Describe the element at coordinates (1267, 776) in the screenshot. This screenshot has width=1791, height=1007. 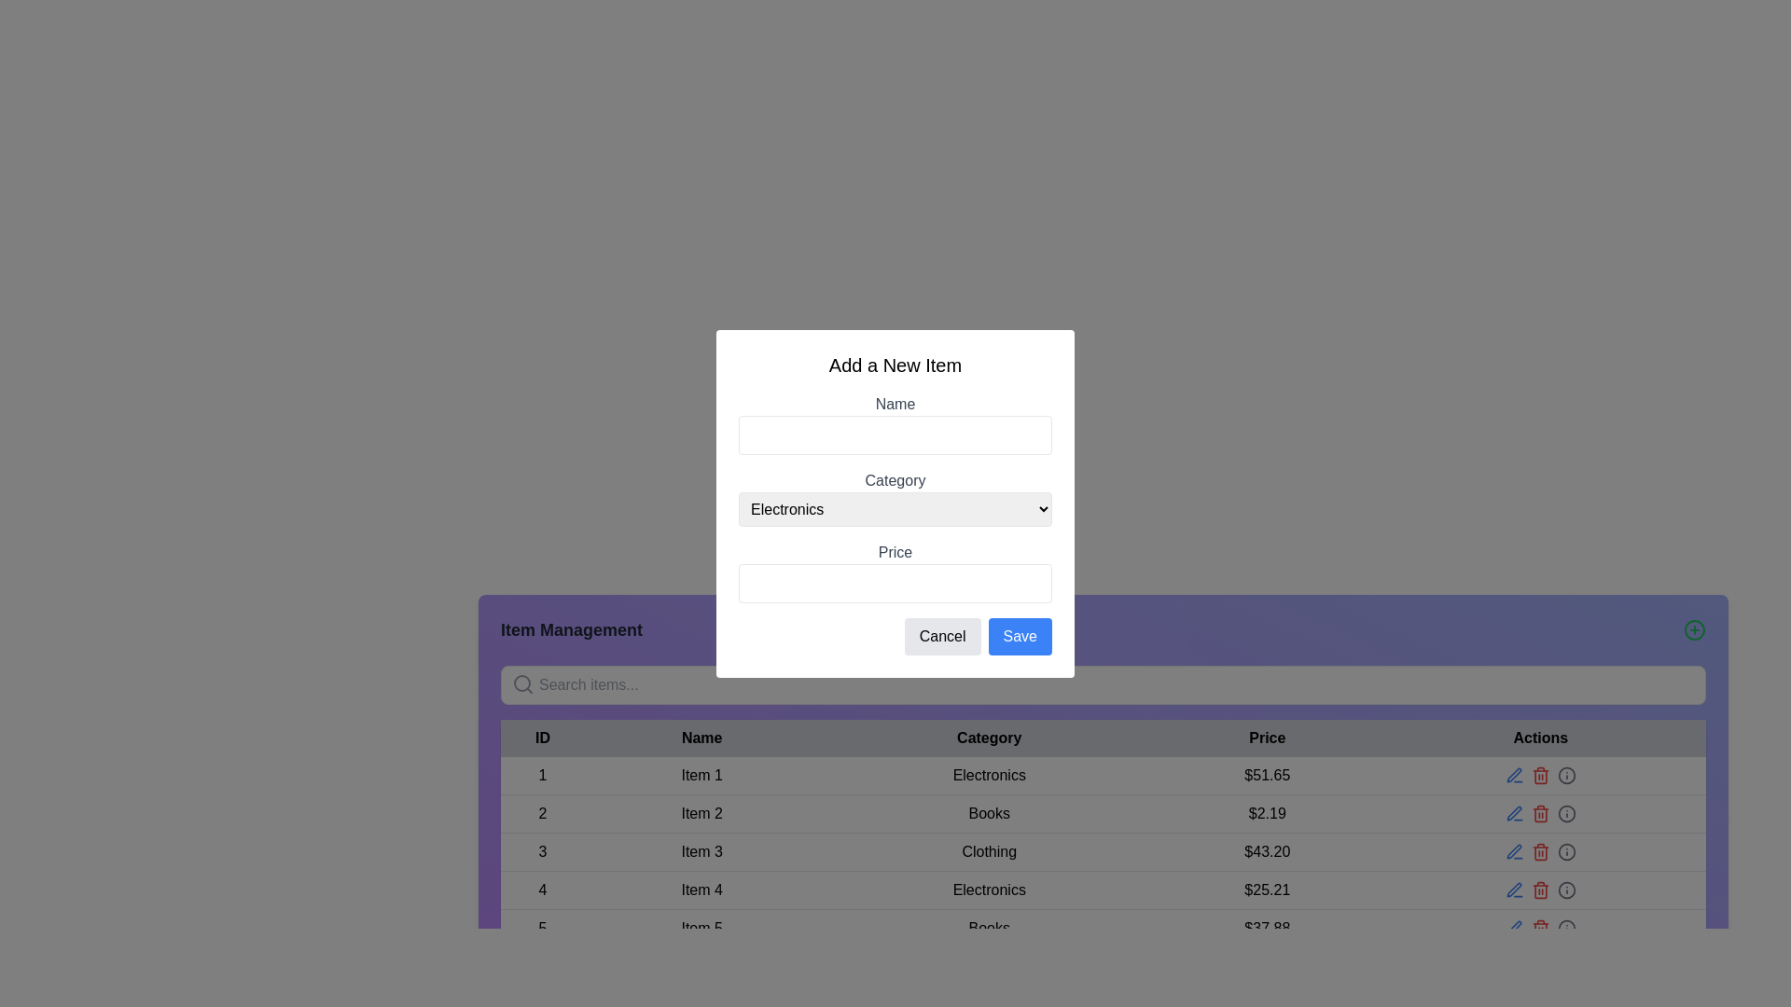
I see `the price text element displaying the cost for 'Item 1' in the data table under the 'Price' column, which is adjacent to the 'Category' column labeled 'Electronics'` at that location.